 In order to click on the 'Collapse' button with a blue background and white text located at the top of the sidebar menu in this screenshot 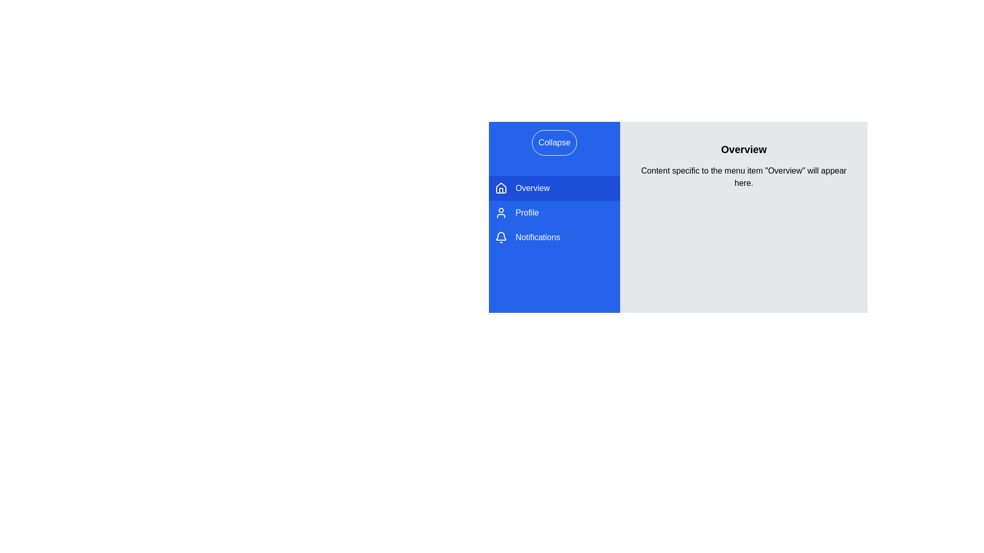, I will do `click(553, 142)`.